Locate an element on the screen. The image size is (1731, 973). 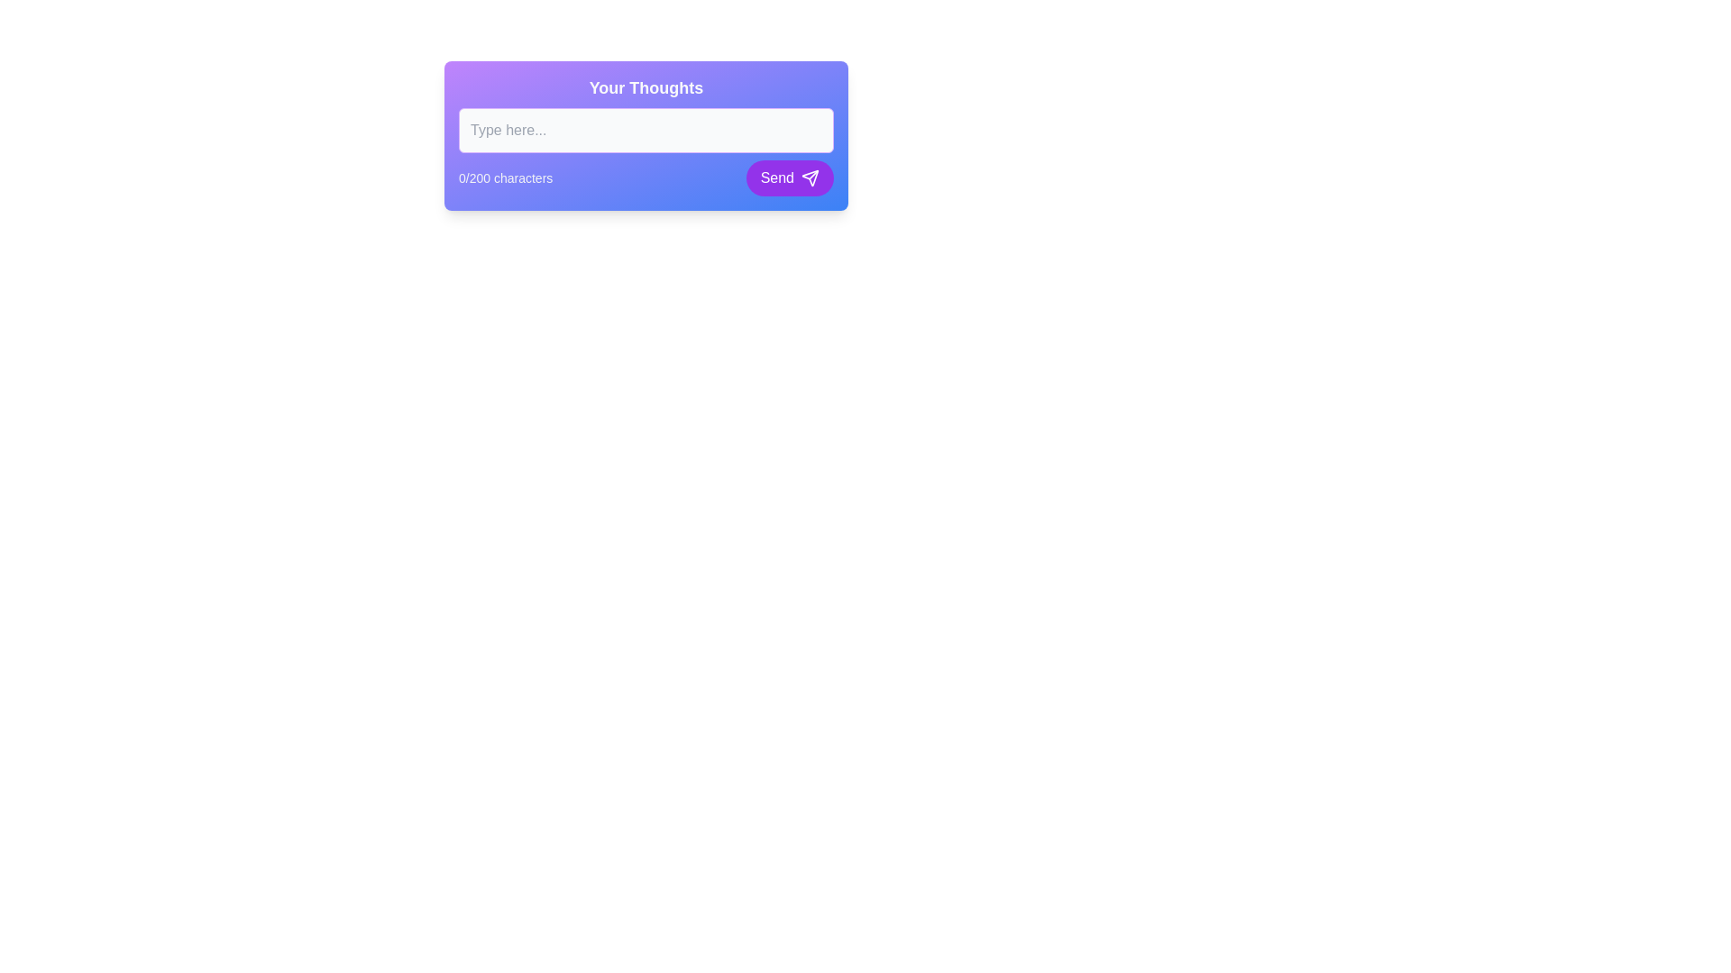
the paper airplane icon that indicates a send action, located within the 'Send' button on the right side beneath the text input field is located at coordinates (809, 177).